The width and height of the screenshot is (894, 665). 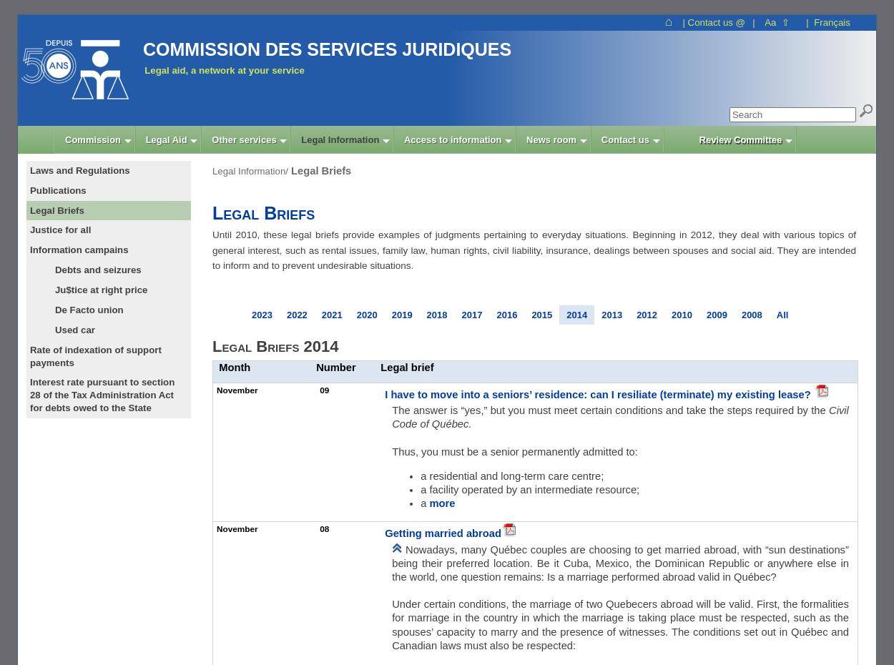 What do you see at coordinates (223, 70) in the screenshot?
I see `'Legal aid, a network at your service'` at bounding box center [223, 70].